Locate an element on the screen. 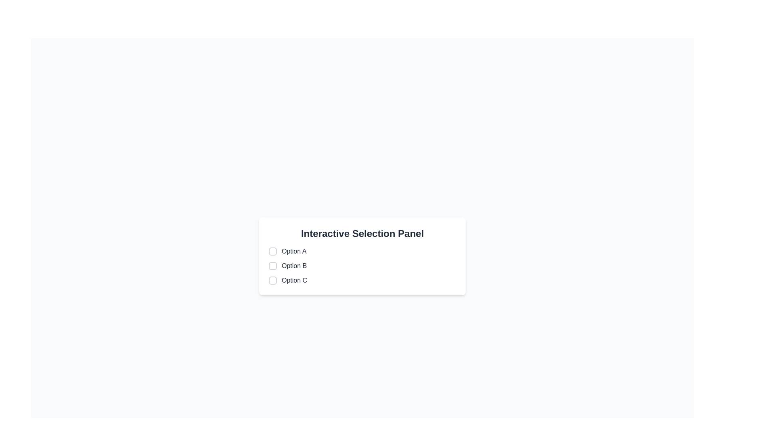  the checkbox associated with 'Option C' is located at coordinates (273, 280).